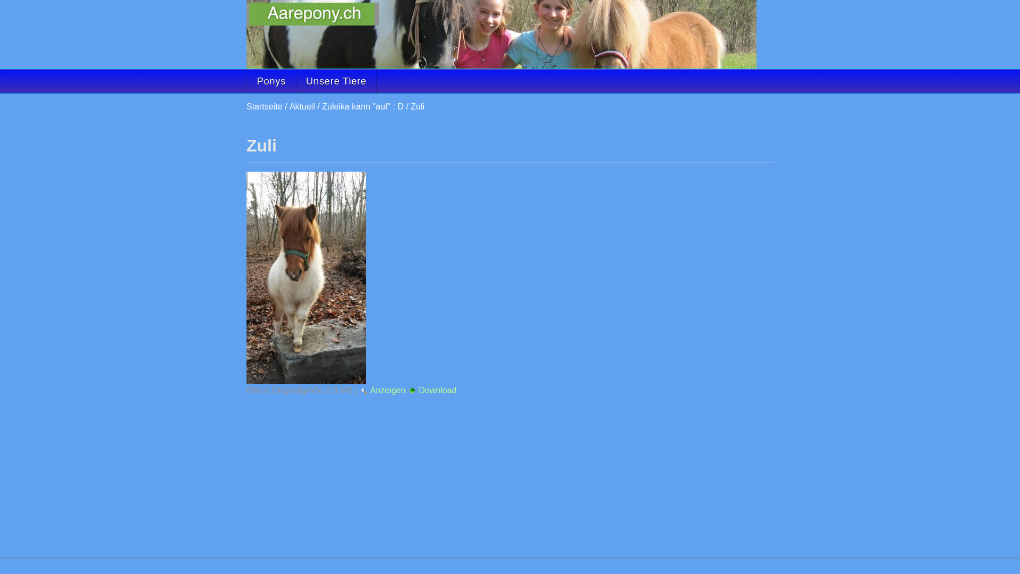 The height and width of the screenshot is (574, 1020). What do you see at coordinates (265, 106) in the screenshot?
I see `'Startseite'` at bounding box center [265, 106].